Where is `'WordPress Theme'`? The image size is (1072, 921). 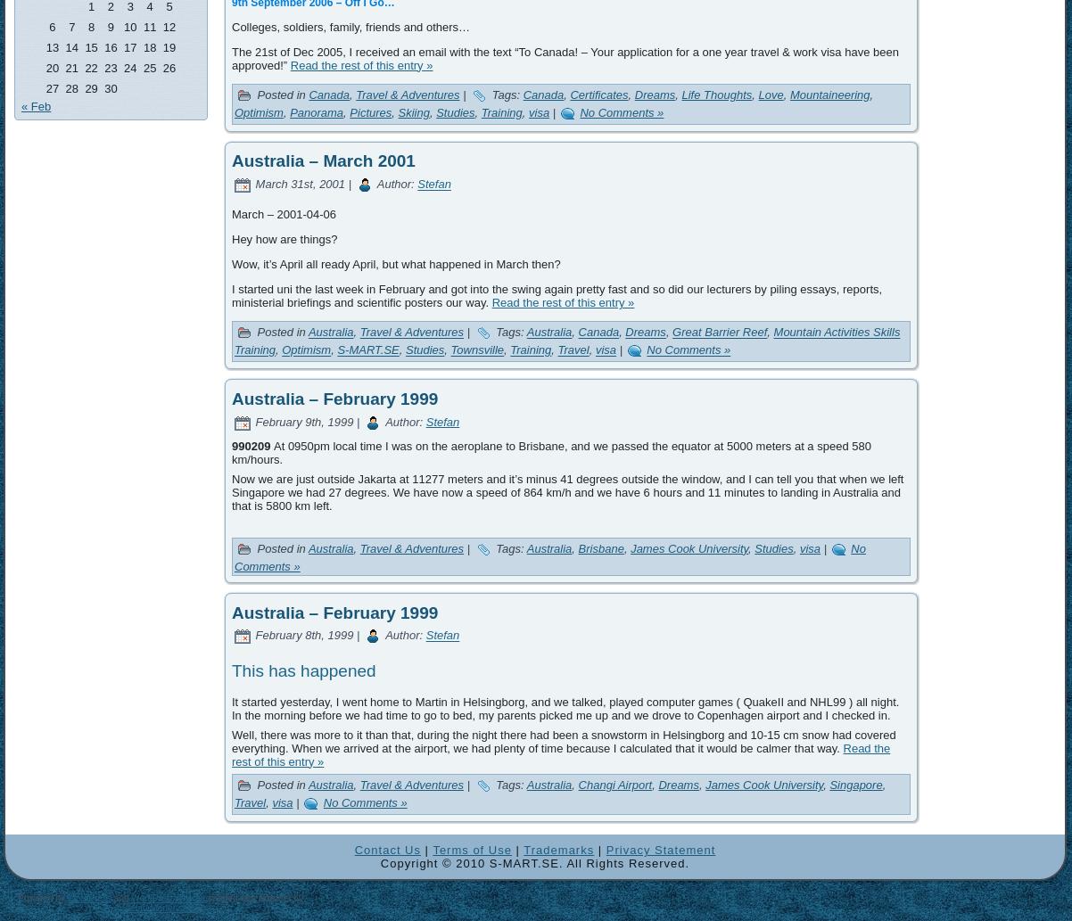 'WordPress Theme' is located at coordinates (168, 897).